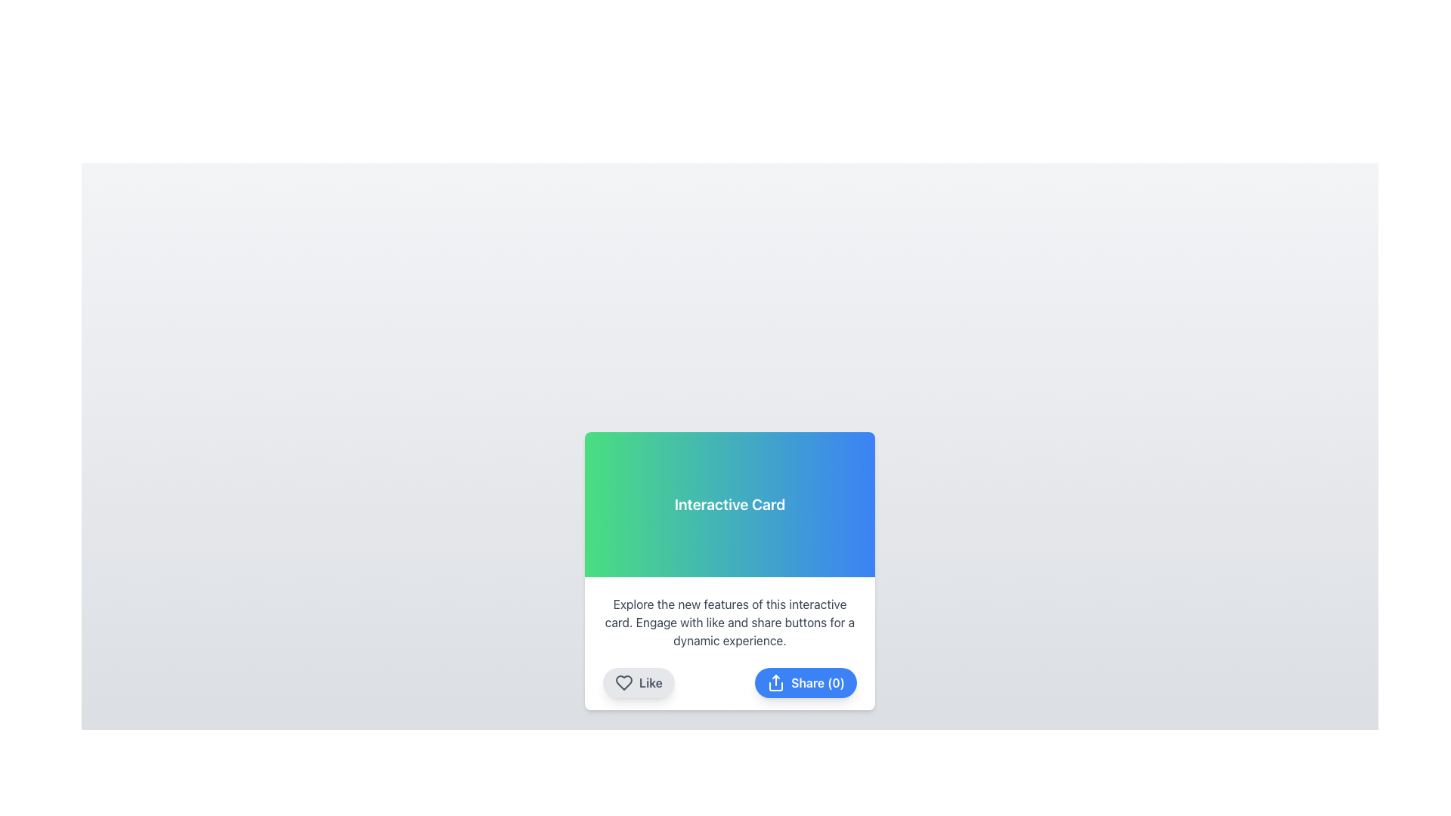 This screenshot has width=1451, height=816. I want to click on the upward-pointing arrow icon with a blue background, located inside the 'Share (0)' button in the lower right corner, so click(776, 682).